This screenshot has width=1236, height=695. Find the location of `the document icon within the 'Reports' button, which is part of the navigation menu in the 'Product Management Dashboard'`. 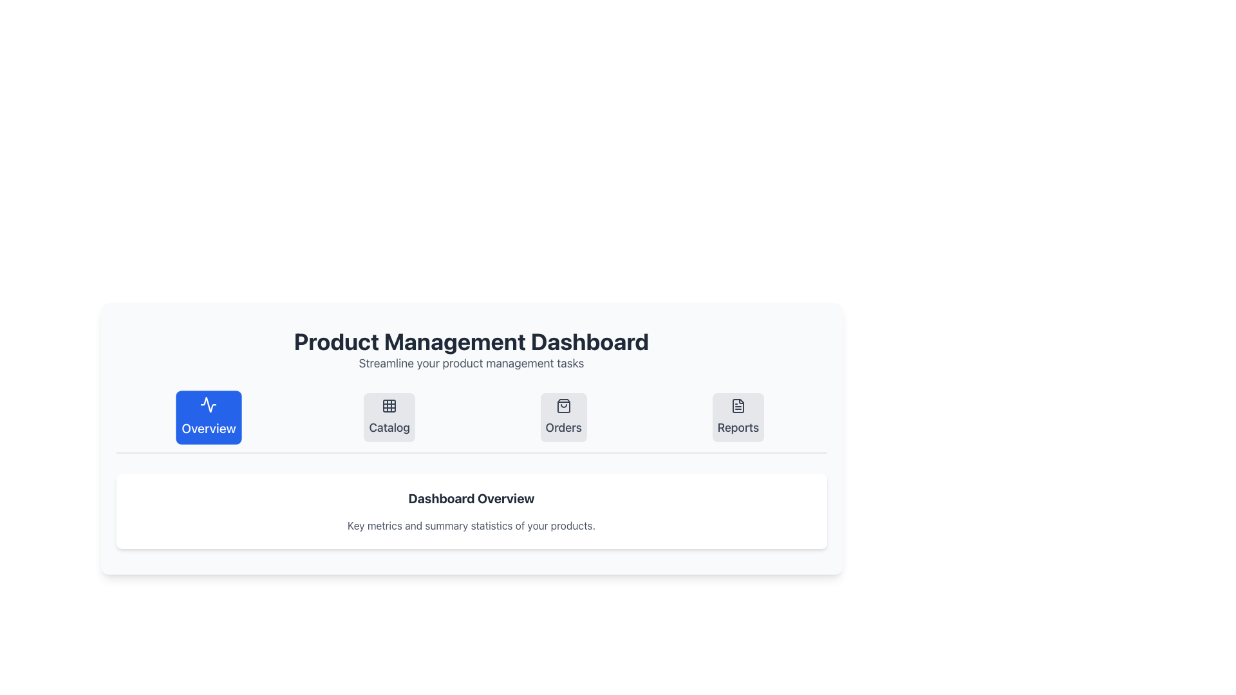

the document icon within the 'Reports' button, which is part of the navigation menu in the 'Product Management Dashboard' is located at coordinates (738, 406).